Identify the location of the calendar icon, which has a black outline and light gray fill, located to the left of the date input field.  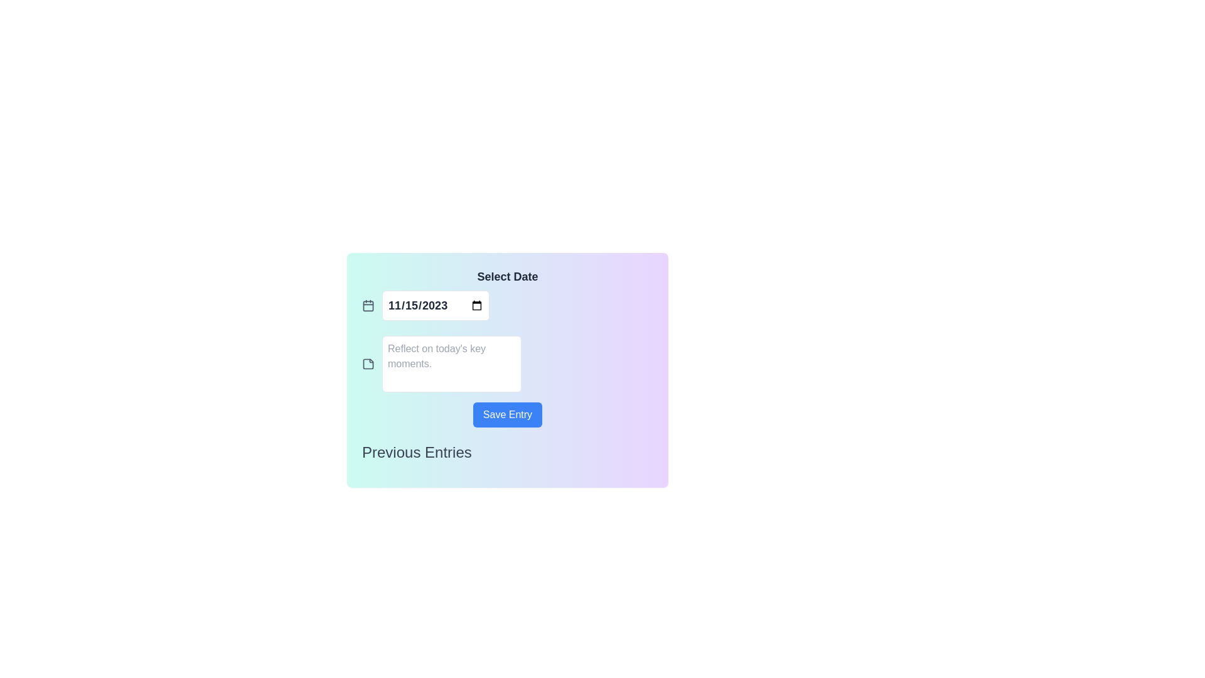
(367, 305).